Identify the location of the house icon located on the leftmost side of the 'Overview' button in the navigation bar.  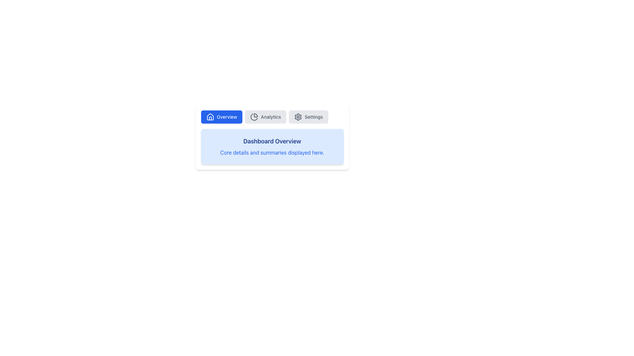
(210, 116).